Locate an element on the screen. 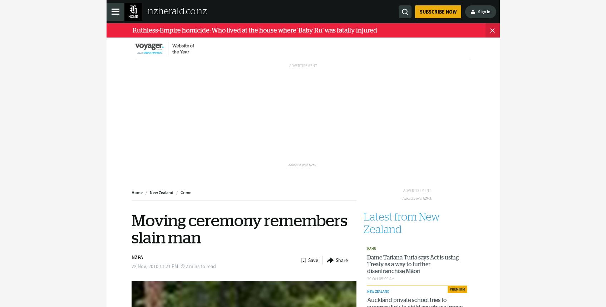 This screenshot has width=606, height=307. '30 Oct 05:00 AM' is located at coordinates (380, 278).